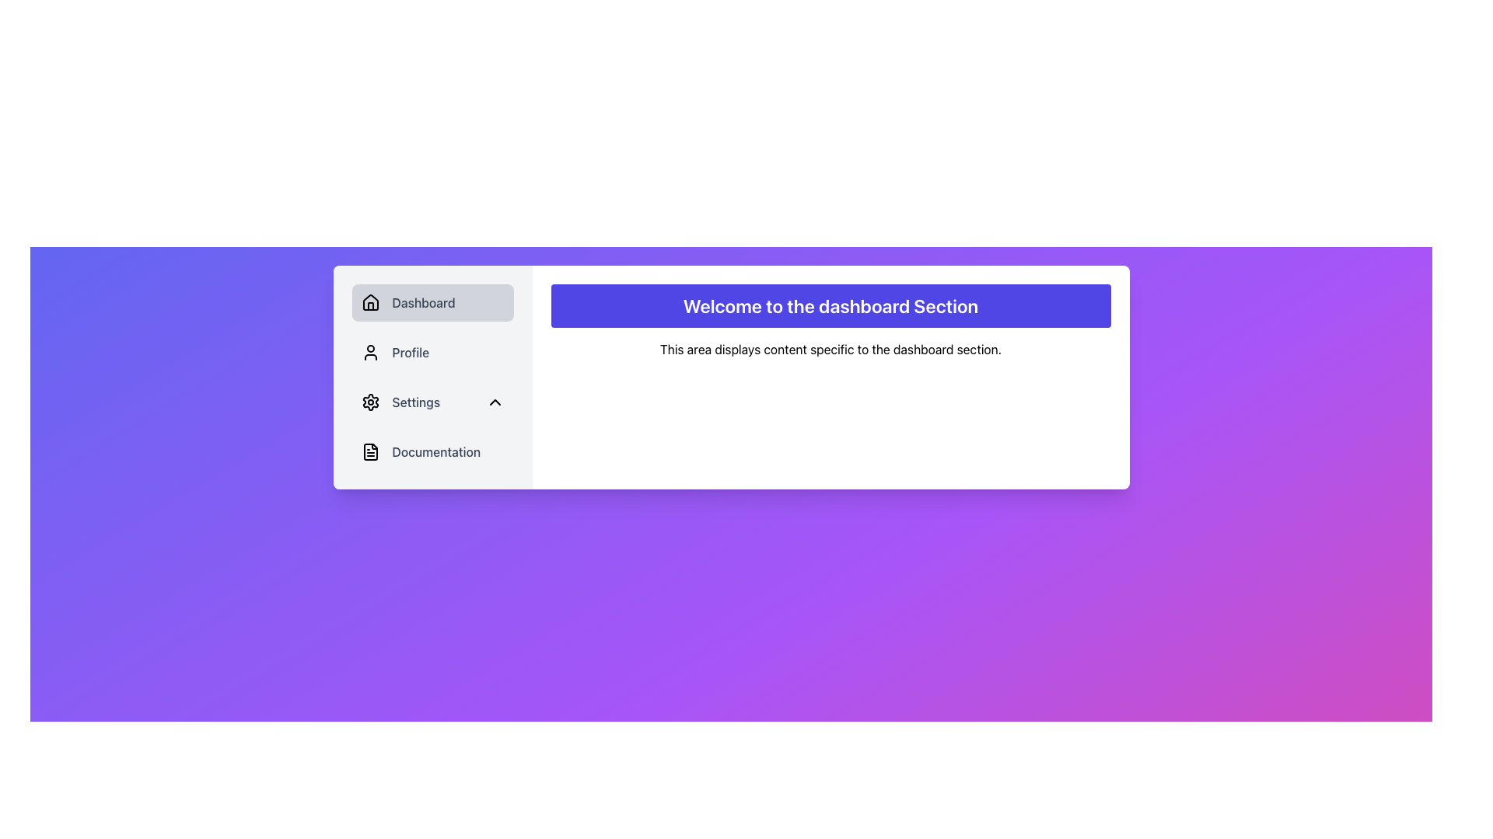  I want to click on the 'Settings' Navigation Item, which is the third item in the vertical navigation panel, so click(432, 401).